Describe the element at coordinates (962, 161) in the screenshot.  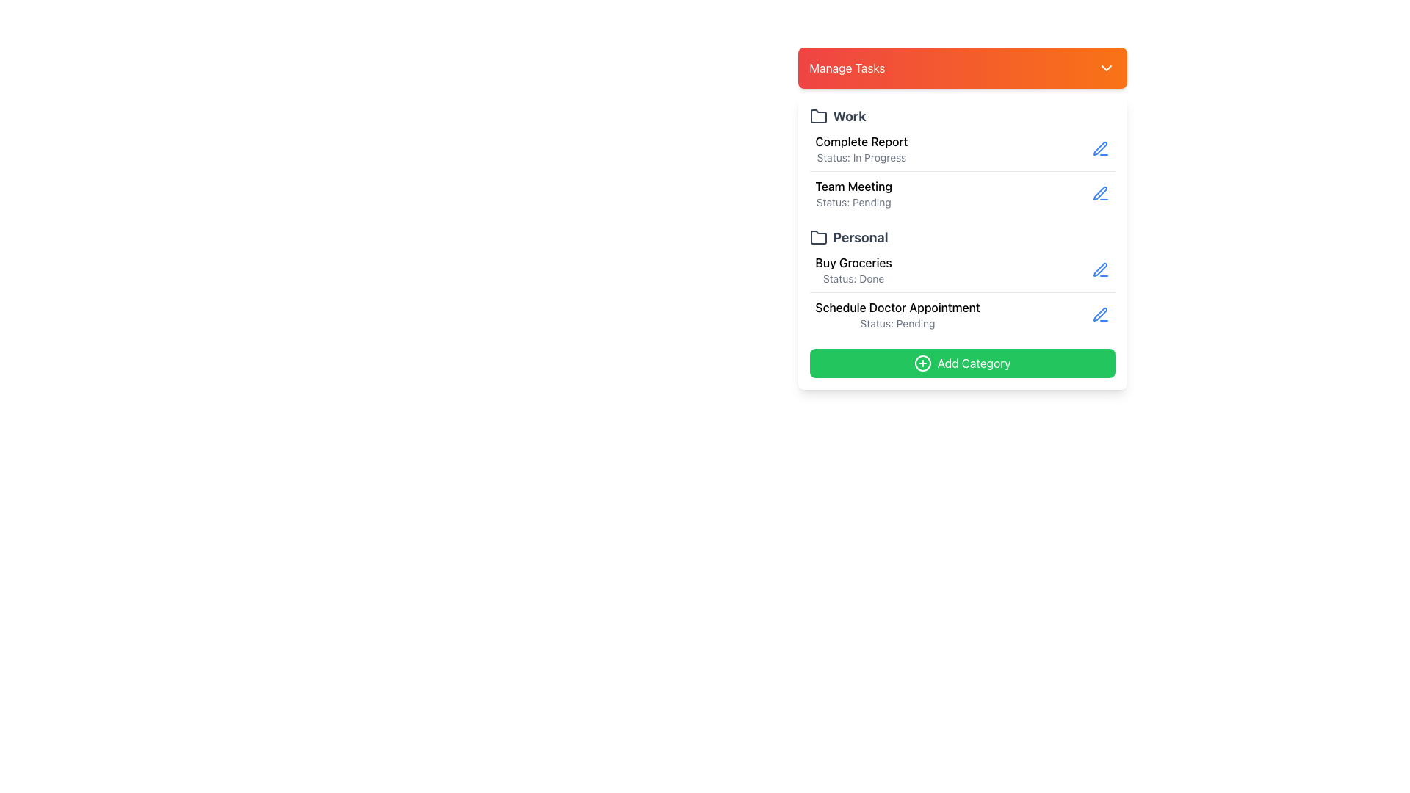
I see `the section containing the tasks 'Complete Report' and 'Team Meeting' under the 'Work' category in the 'Manage Tasks' panel` at that location.